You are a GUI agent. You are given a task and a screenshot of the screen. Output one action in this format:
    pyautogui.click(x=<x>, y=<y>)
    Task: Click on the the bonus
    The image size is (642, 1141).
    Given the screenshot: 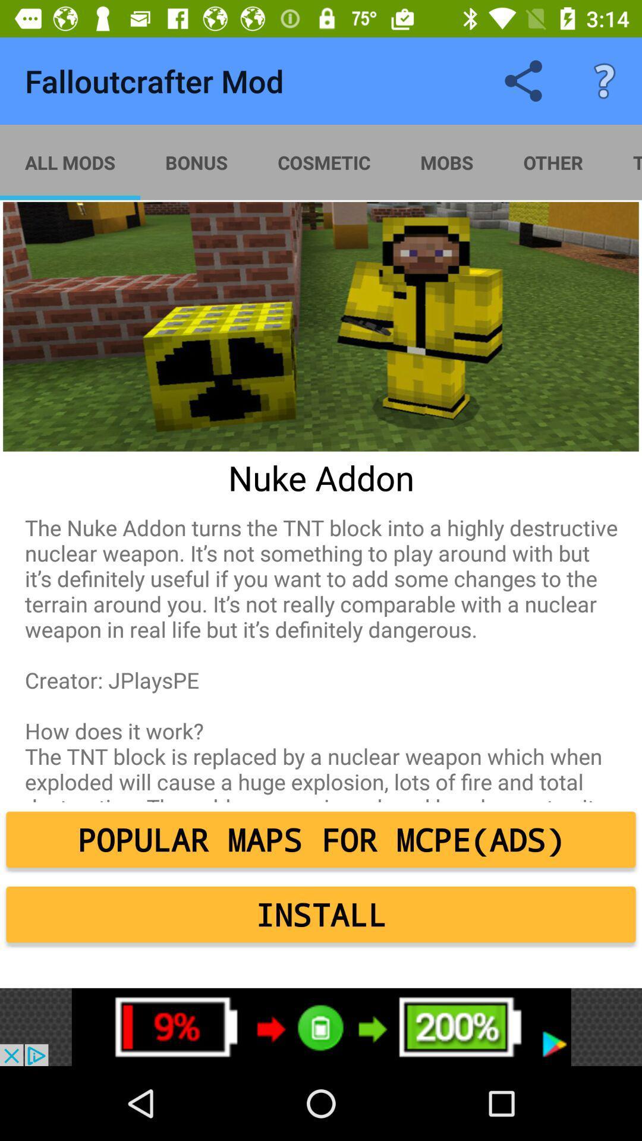 What is the action you would take?
    pyautogui.click(x=196, y=162)
    